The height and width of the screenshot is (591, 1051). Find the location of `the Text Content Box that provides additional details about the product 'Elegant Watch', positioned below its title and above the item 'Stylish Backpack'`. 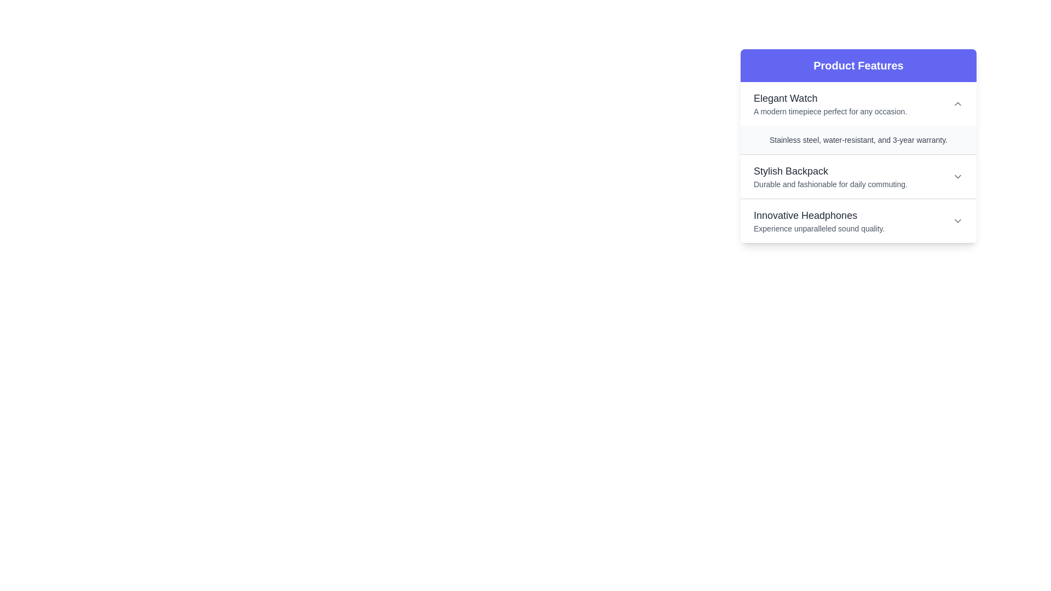

the Text Content Box that provides additional details about the product 'Elegant Watch', positioned below its title and above the item 'Stylish Backpack' is located at coordinates (858, 146).